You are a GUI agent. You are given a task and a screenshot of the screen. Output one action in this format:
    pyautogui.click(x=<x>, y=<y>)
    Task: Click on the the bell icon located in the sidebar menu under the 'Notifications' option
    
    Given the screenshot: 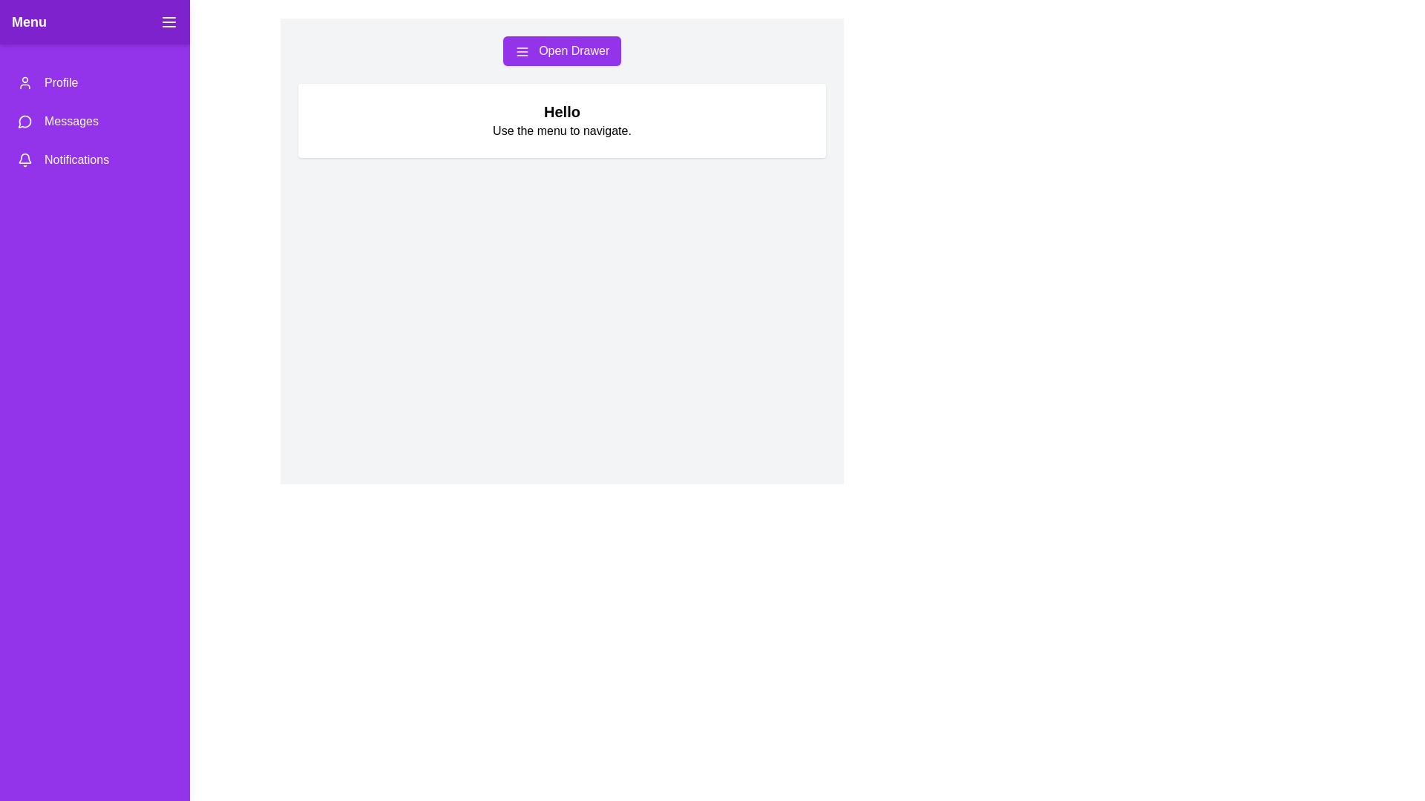 What is the action you would take?
    pyautogui.click(x=24, y=160)
    